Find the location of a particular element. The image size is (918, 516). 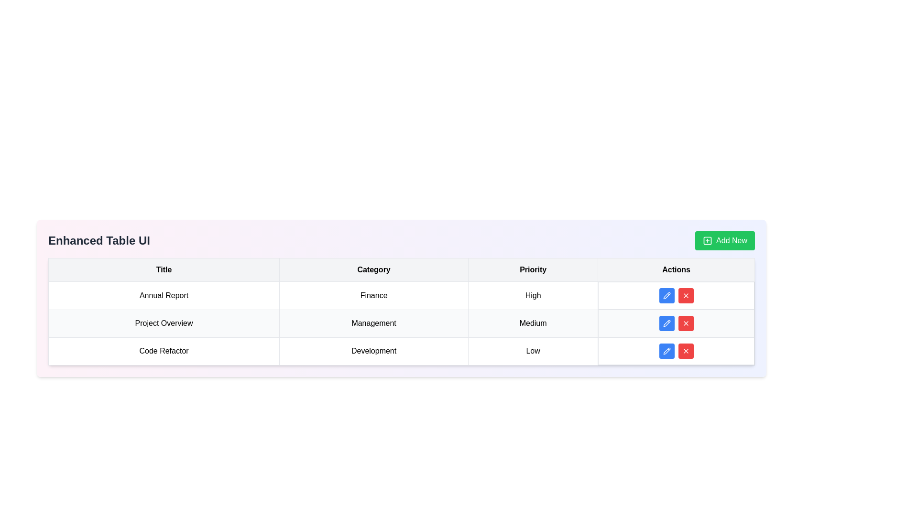

text on the 'Finance' label, which is the second column of the top row under the 'Category' header in the table is located at coordinates (373, 295).